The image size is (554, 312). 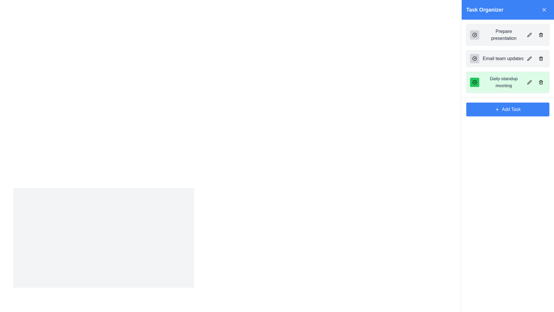 What do you see at coordinates (475, 59) in the screenshot?
I see `the checkbox indicator for the task labeled 'Email team updates'` at bounding box center [475, 59].